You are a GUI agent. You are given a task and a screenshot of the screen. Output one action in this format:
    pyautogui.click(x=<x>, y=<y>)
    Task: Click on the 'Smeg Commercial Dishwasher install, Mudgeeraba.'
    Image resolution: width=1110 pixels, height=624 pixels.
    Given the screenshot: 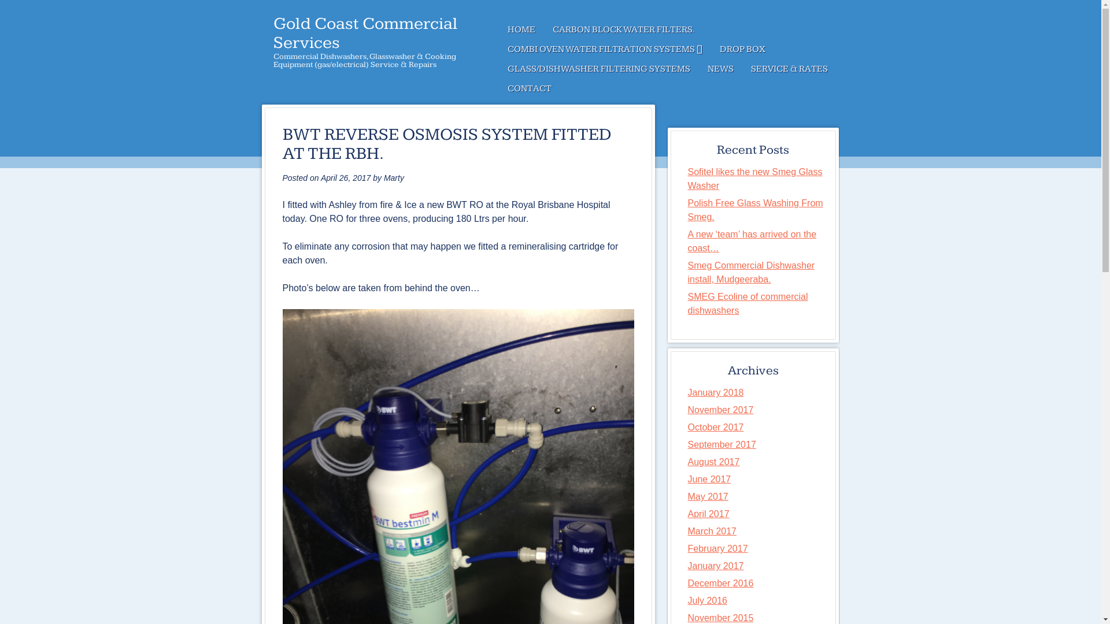 What is the action you would take?
    pyautogui.click(x=752, y=272)
    